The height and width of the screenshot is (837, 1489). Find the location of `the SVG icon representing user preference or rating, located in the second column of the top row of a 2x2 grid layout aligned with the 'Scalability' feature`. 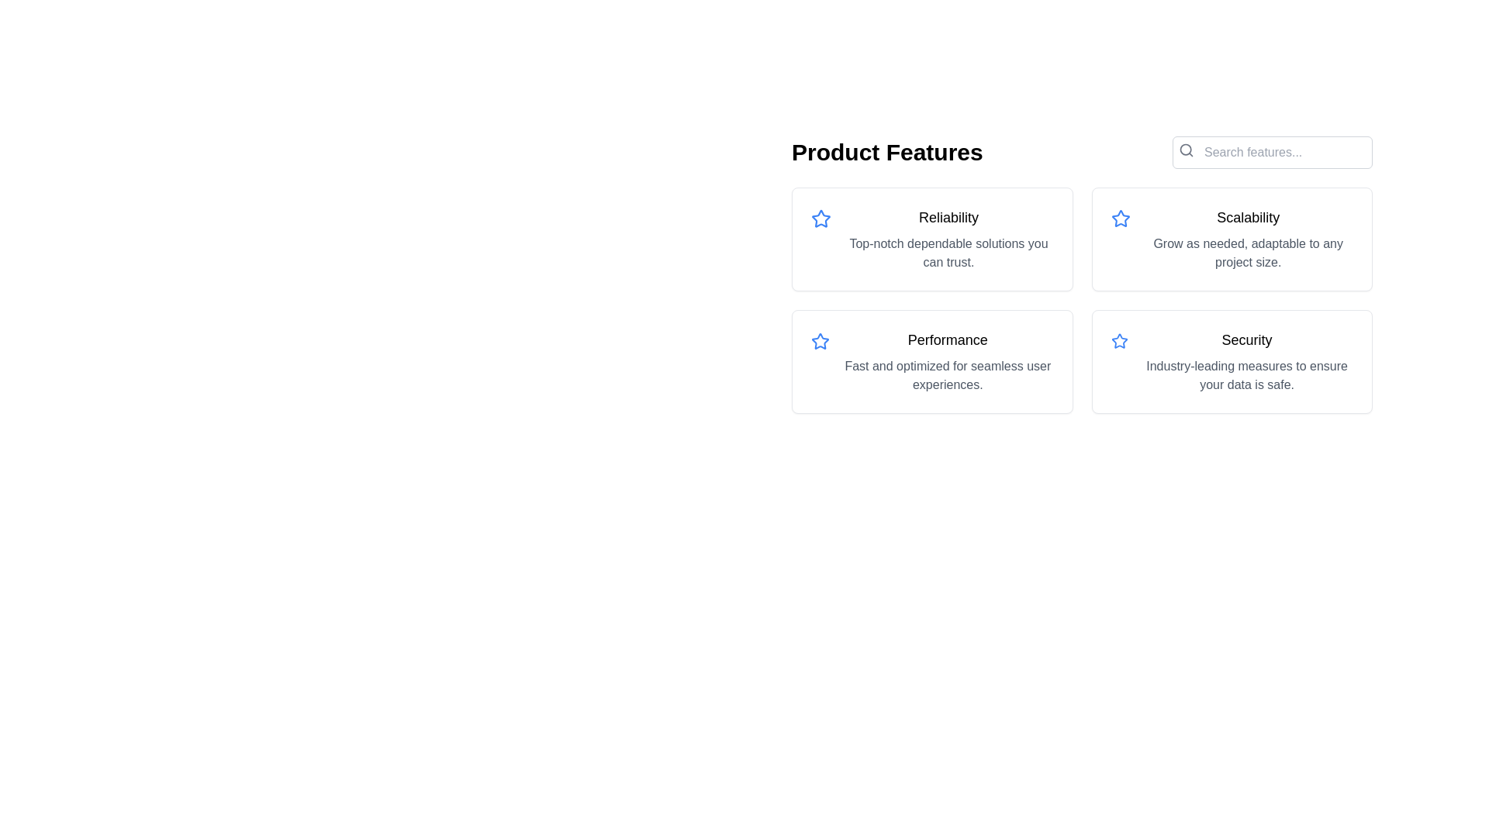

the SVG icon representing user preference or rating, located in the second column of the top row of a 2x2 grid layout aligned with the 'Scalability' feature is located at coordinates (821, 219).